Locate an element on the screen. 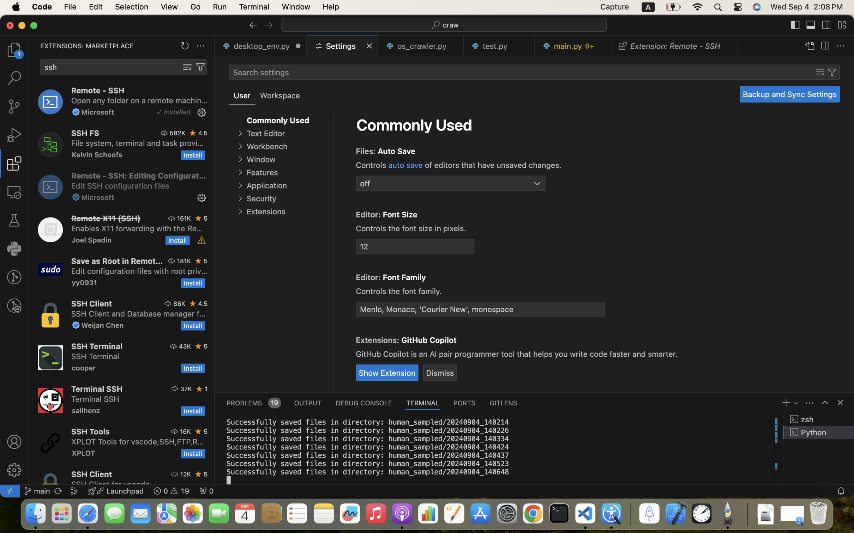 This screenshot has height=533, width=854. '0 os_crawler.py  ' is located at coordinates (421, 45).